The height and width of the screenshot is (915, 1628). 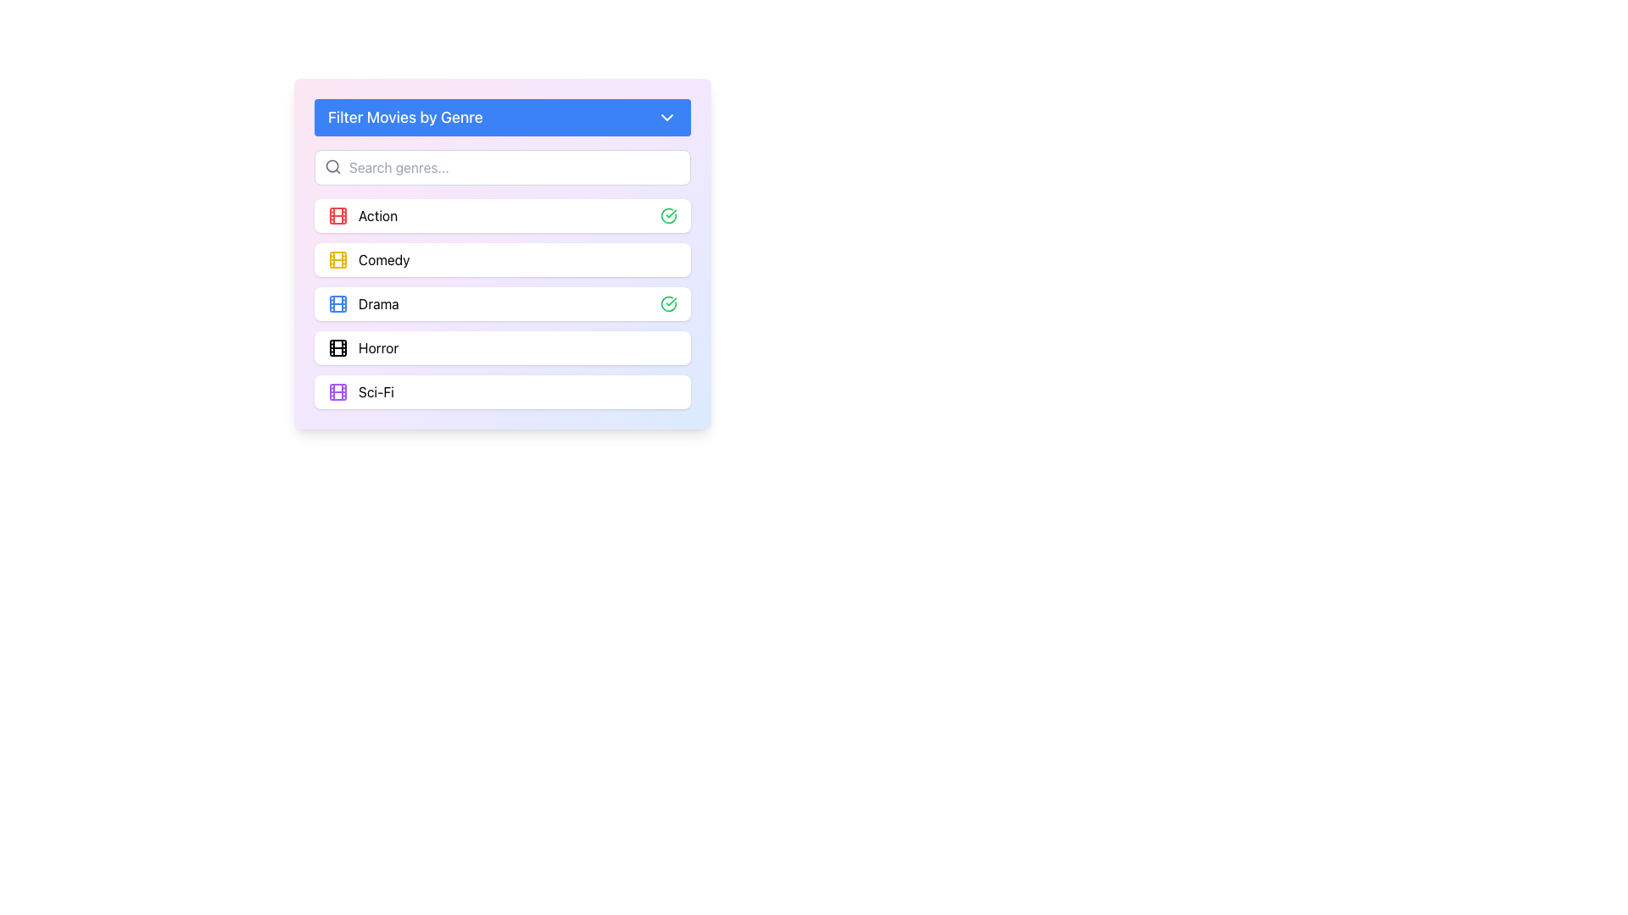 I want to click on text label that reads 'Sci-Fi', which is the fifth item in the genre filter list and is aligned to the right of a purple film strip icon, so click(x=375, y=391).